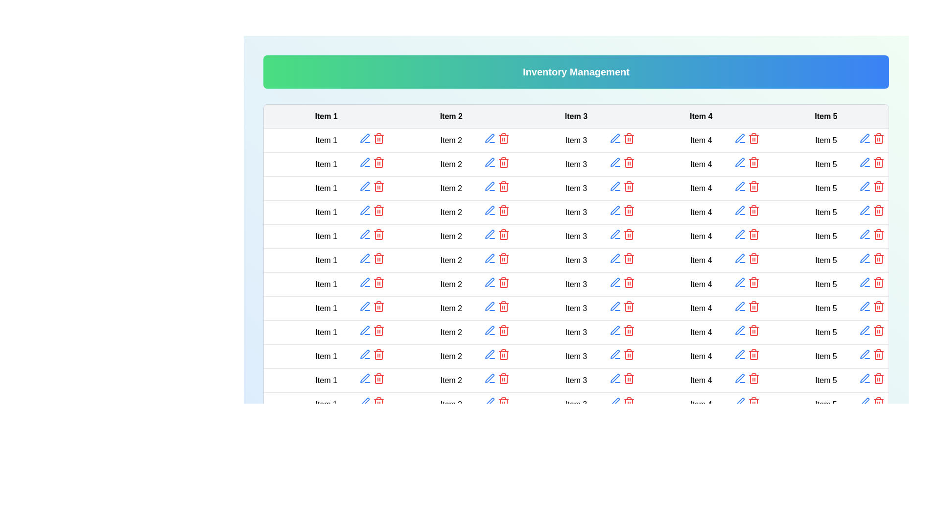 This screenshot has width=940, height=529. What do you see at coordinates (825, 116) in the screenshot?
I see `the table header to sort the column by Item 5` at bounding box center [825, 116].